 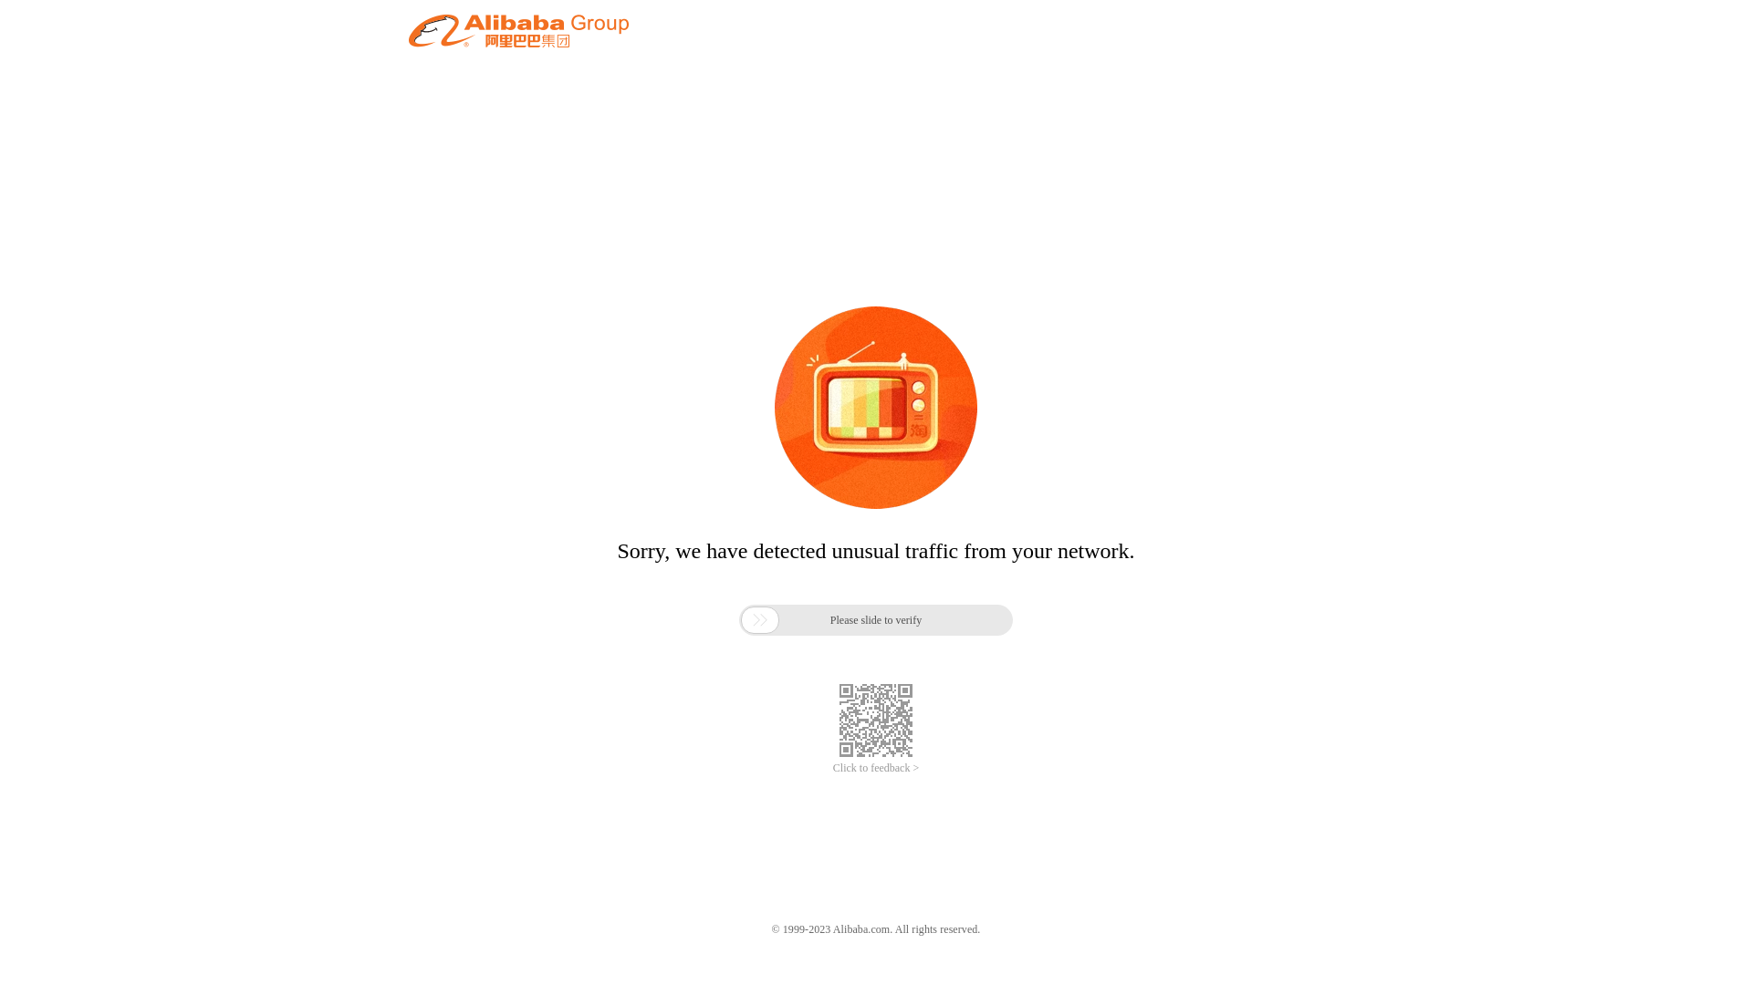 I want to click on 'Click to feedback >', so click(x=876, y=768).